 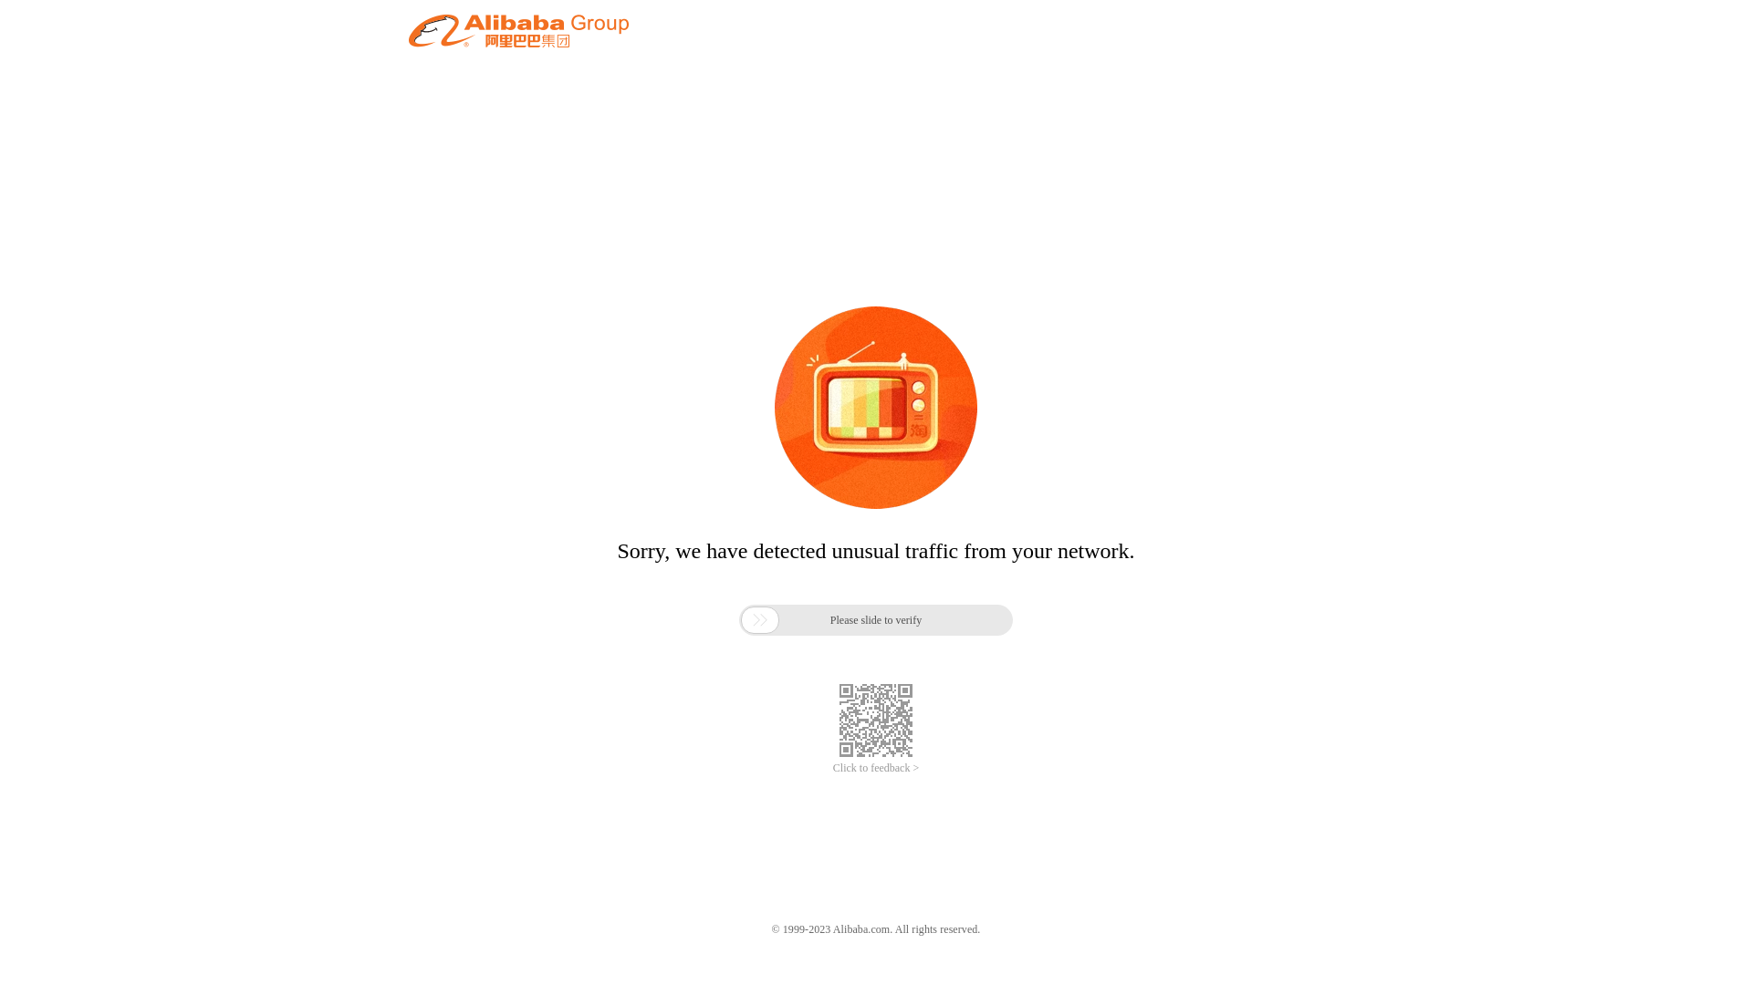 I want to click on 'Click to feedback >', so click(x=876, y=768).